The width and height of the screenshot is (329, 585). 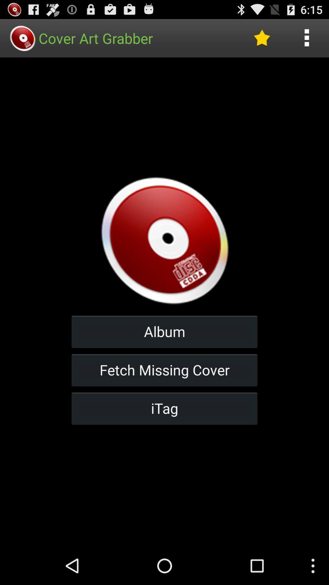 What do you see at coordinates (261, 38) in the screenshot?
I see `the icon to the right of the cover art grabber icon` at bounding box center [261, 38].